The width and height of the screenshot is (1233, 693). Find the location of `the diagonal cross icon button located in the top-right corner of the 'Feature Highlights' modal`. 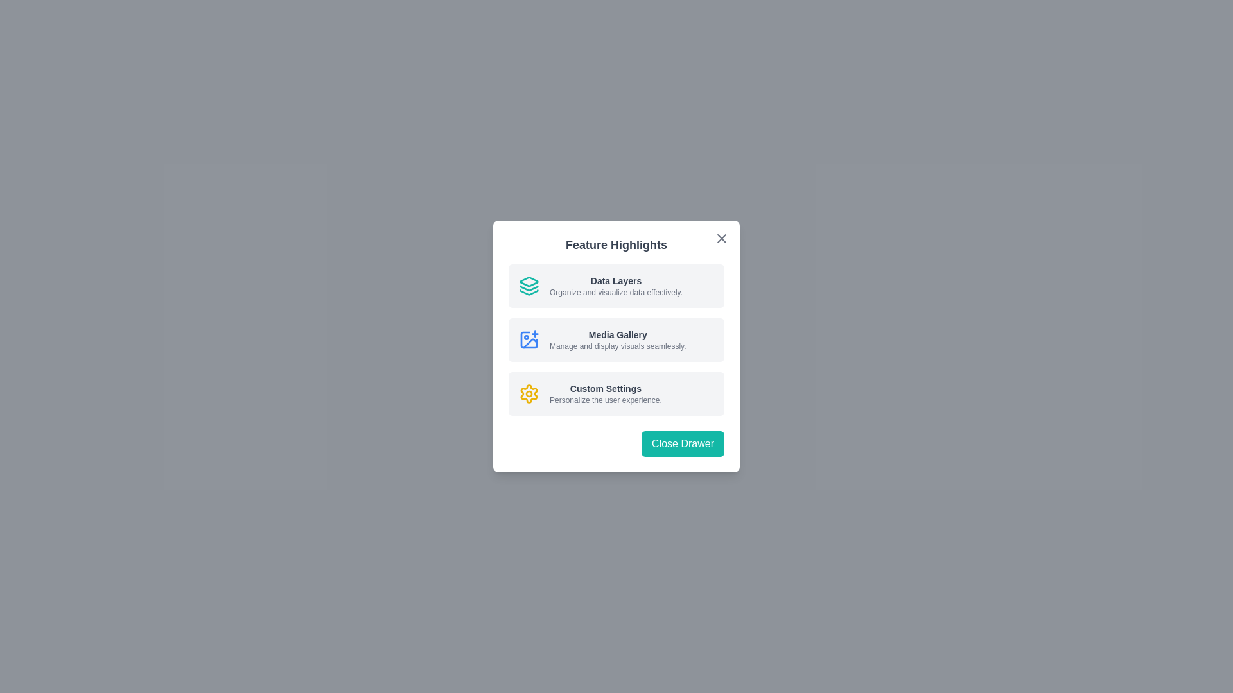

the diagonal cross icon button located in the top-right corner of the 'Feature Highlights' modal is located at coordinates (721, 238).